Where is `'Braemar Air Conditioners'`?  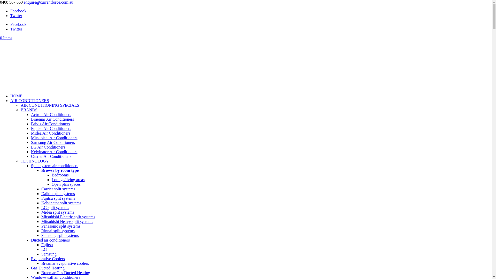 'Braemar Air Conditioners' is located at coordinates (31, 119).